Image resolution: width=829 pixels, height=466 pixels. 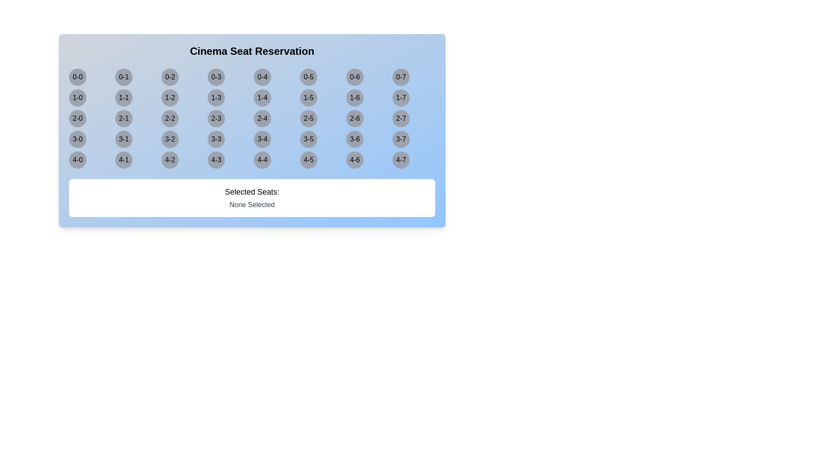 What do you see at coordinates (170, 76) in the screenshot?
I see `the third button` at bounding box center [170, 76].